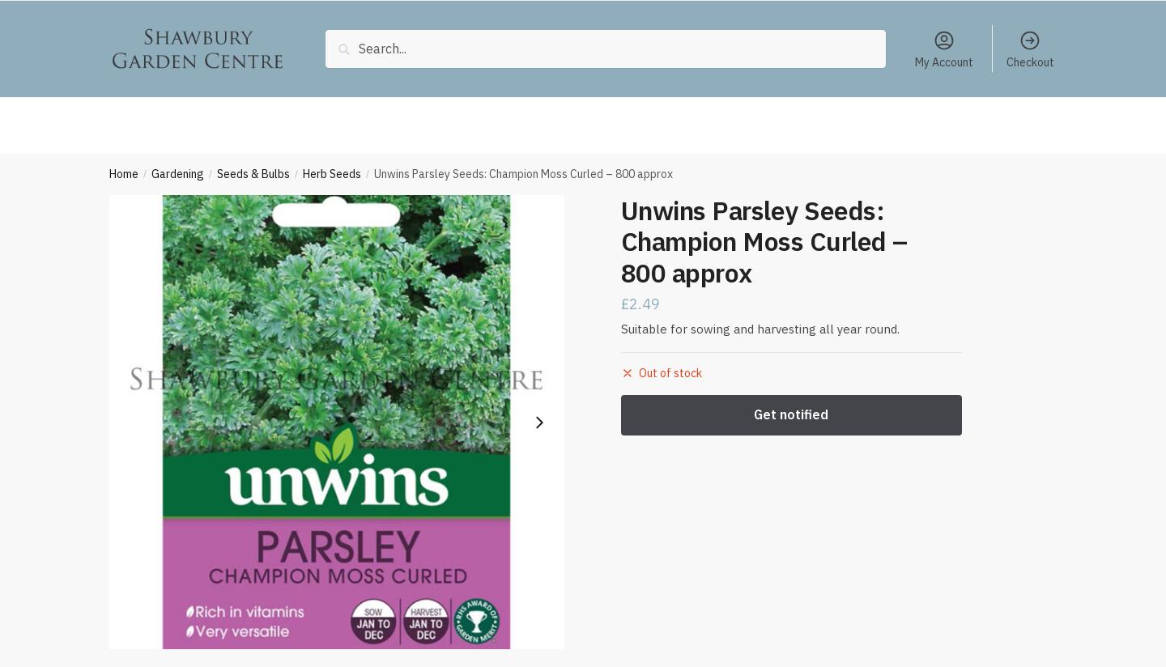 The width and height of the screenshot is (1166, 667). I want to click on 'Add to basket', so click(945, 656).